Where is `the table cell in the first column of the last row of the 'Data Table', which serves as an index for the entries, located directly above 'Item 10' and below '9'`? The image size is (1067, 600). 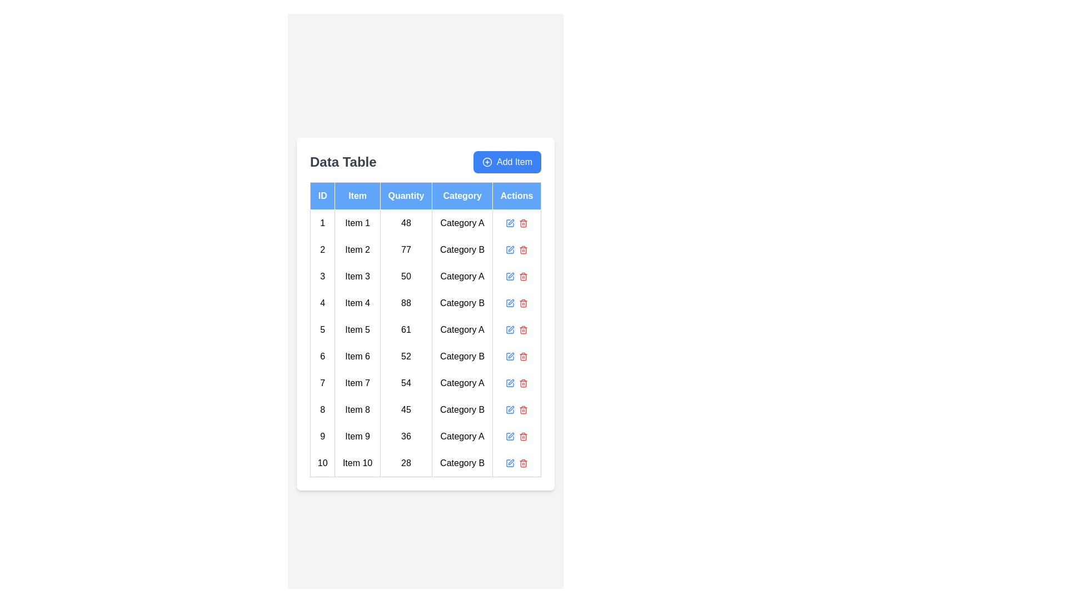 the table cell in the first column of the last row of the 'Data Table', which serves as an index for the entries, located directly above 'Item 10' and below '9' is located at coordinates (322, 463).